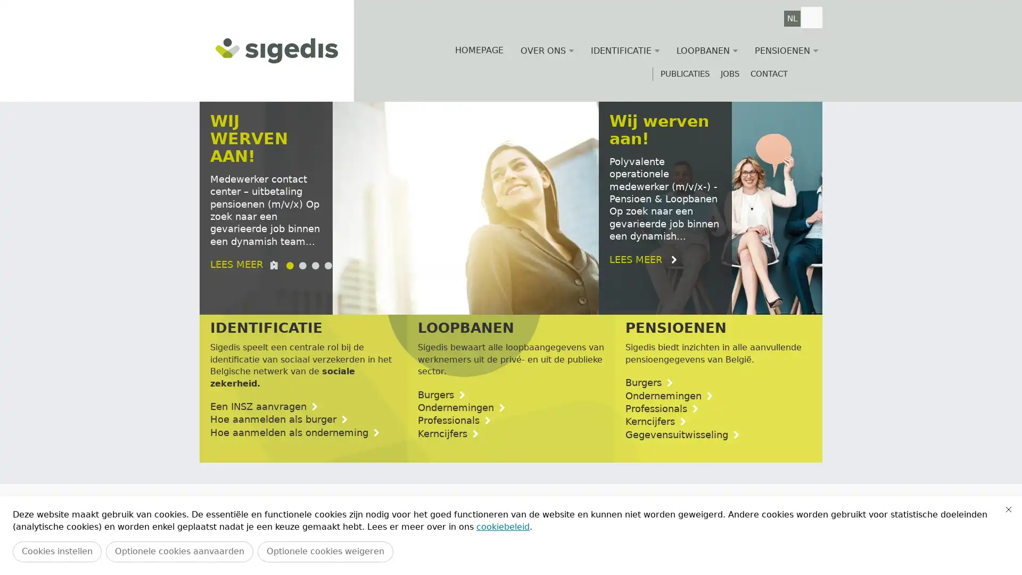 This screenshot has width=1022, height=575. What do you see at coordinates (1008, 508) in the screenshot?
I see `Sluiten` at bounding box center [1008, 508].